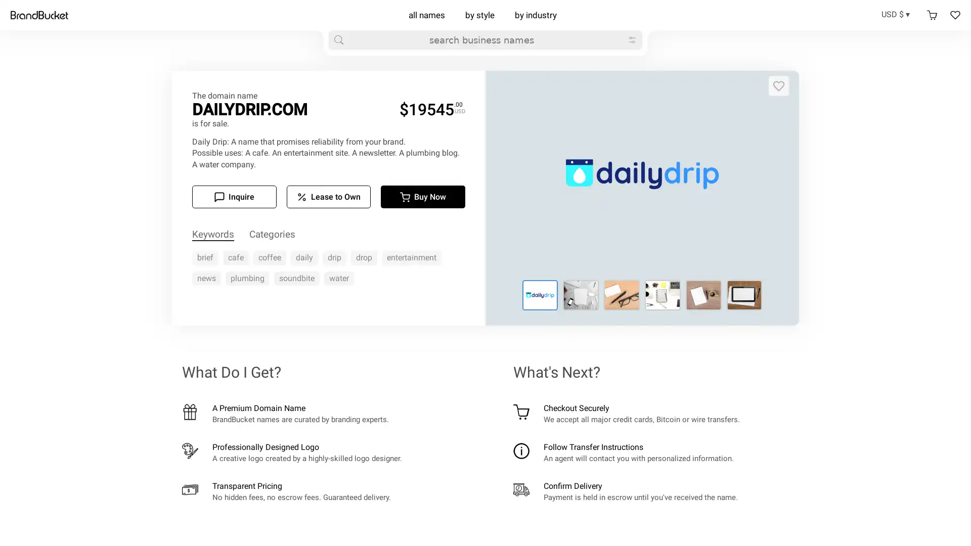 This screenshot has height=546, width=971. Describe the element at coordinates (663, 295) in the screenshot. I see `Logo for dailydrip.com` at that location.